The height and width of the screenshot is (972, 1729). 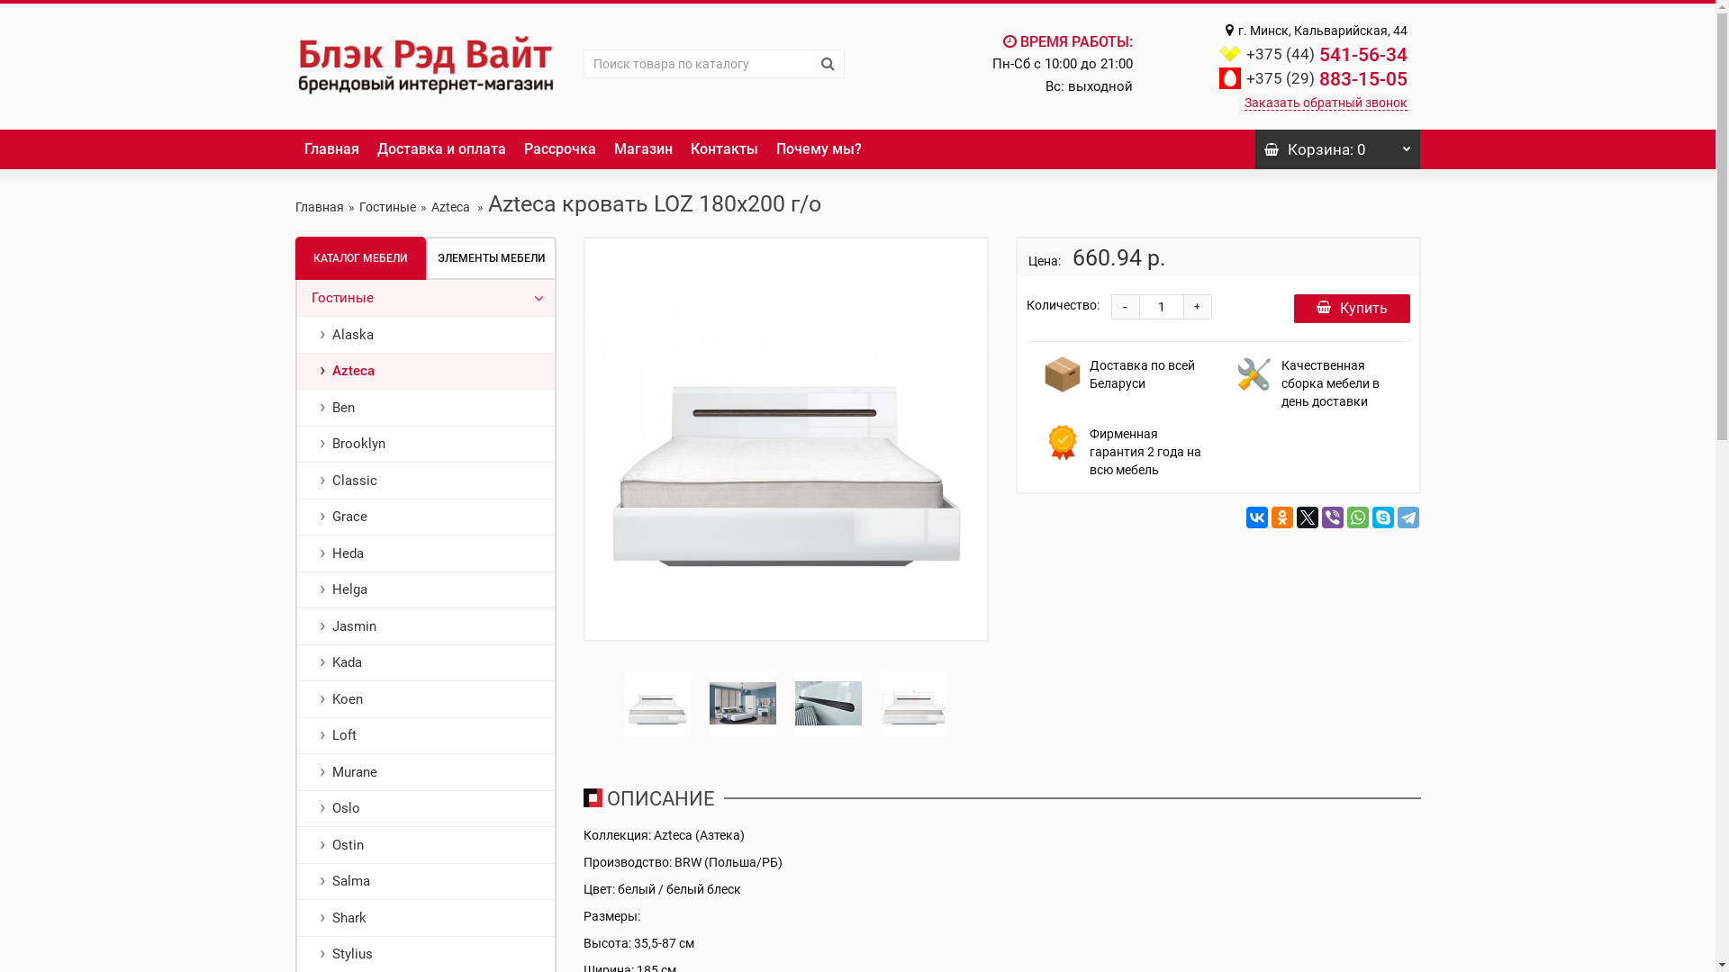 I want to click on '+', so click(x=1183, y=305).